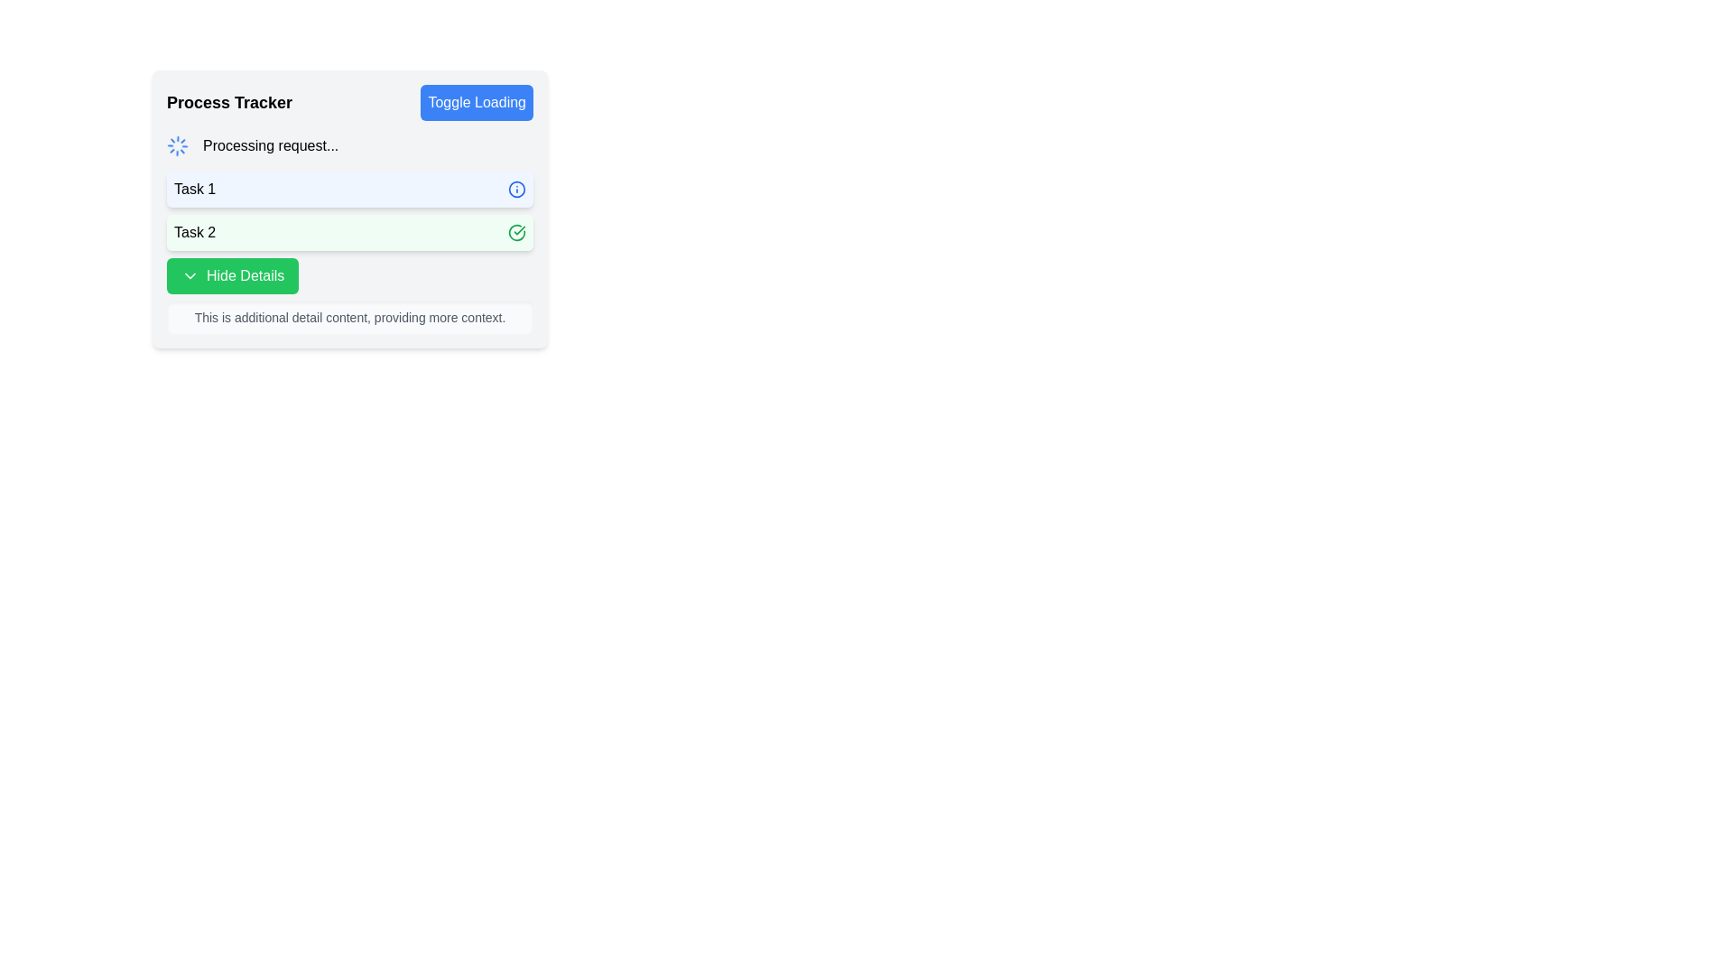 The image size is (1733, 975). Describe the element at coordinates (195, 232) in the screenshot. I see `the Text Label displaying 'Task 2' which has a light green background and is aligned to the left side of its panel` at that location.